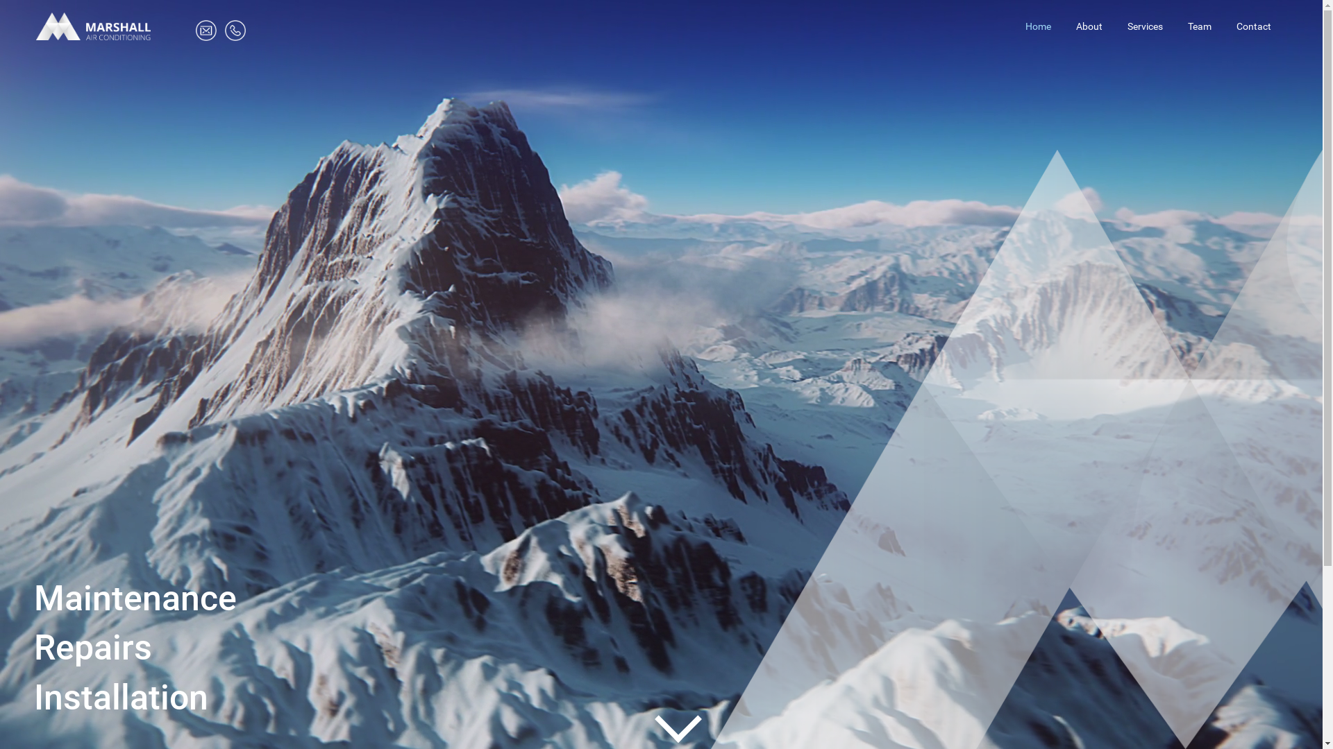 This screenshot has height=749, width=1333. What do you see at coordinates (1038, 26) in the screenshot?
I see `'Home'` at bounding box center [1038, 26].